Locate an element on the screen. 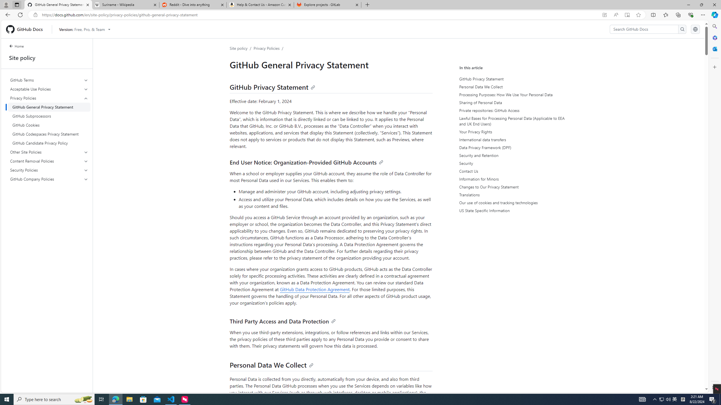 The width and height of the screenshot is (721, 405). 'GitHub Cookies' is located at coordinates (49, 125).